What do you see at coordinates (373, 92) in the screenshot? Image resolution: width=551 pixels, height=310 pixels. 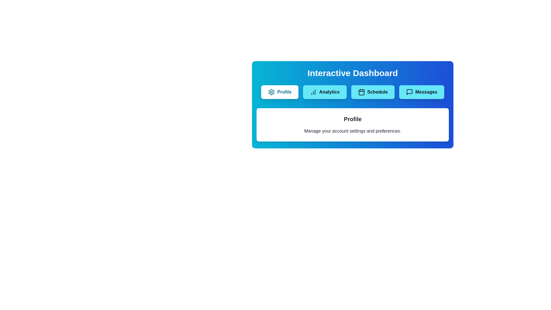 I see `the tab labeled Schedule to view its content` at bounding box center [373, 92].